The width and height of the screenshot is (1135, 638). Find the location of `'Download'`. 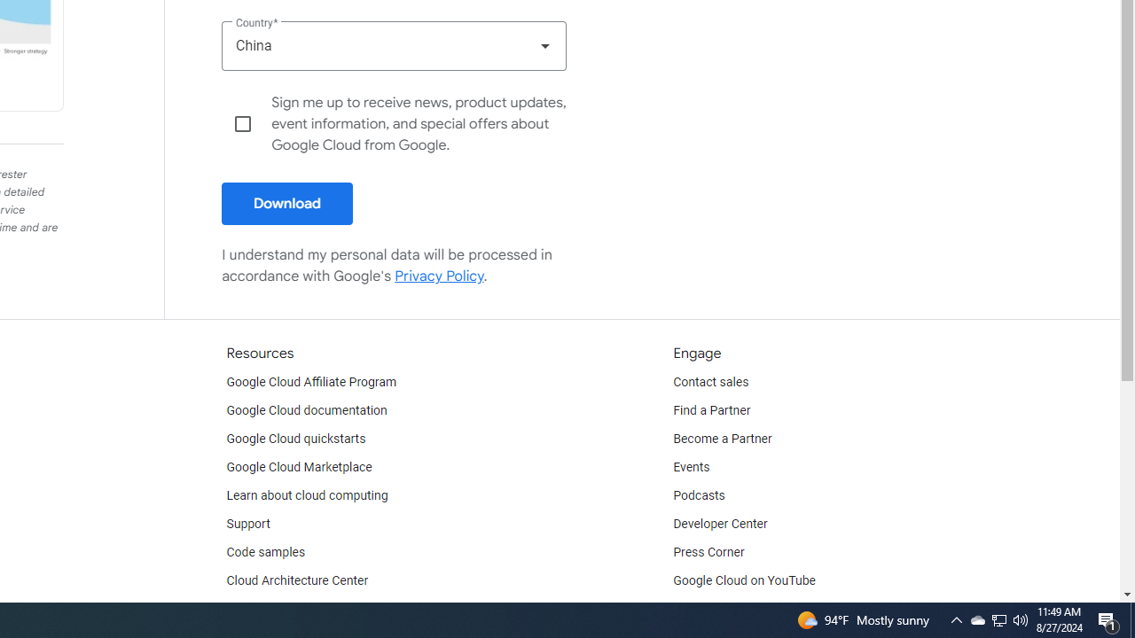

'Download' is located at coordinates (287, 203).